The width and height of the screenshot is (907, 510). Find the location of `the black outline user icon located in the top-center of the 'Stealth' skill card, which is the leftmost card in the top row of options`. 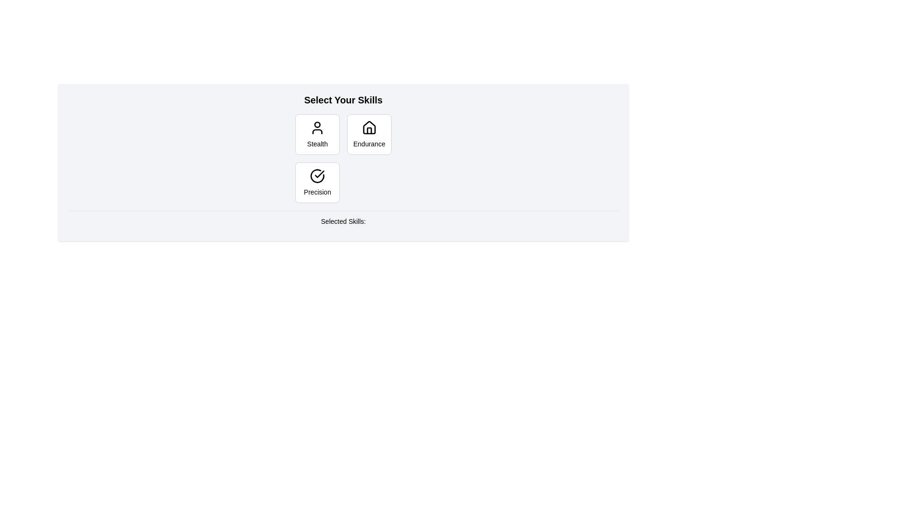

the black outline user icon located in the top-center of the 'Stealth' skill card, which is the leftmost card in the top row of options is located at coordinates (317, 127).